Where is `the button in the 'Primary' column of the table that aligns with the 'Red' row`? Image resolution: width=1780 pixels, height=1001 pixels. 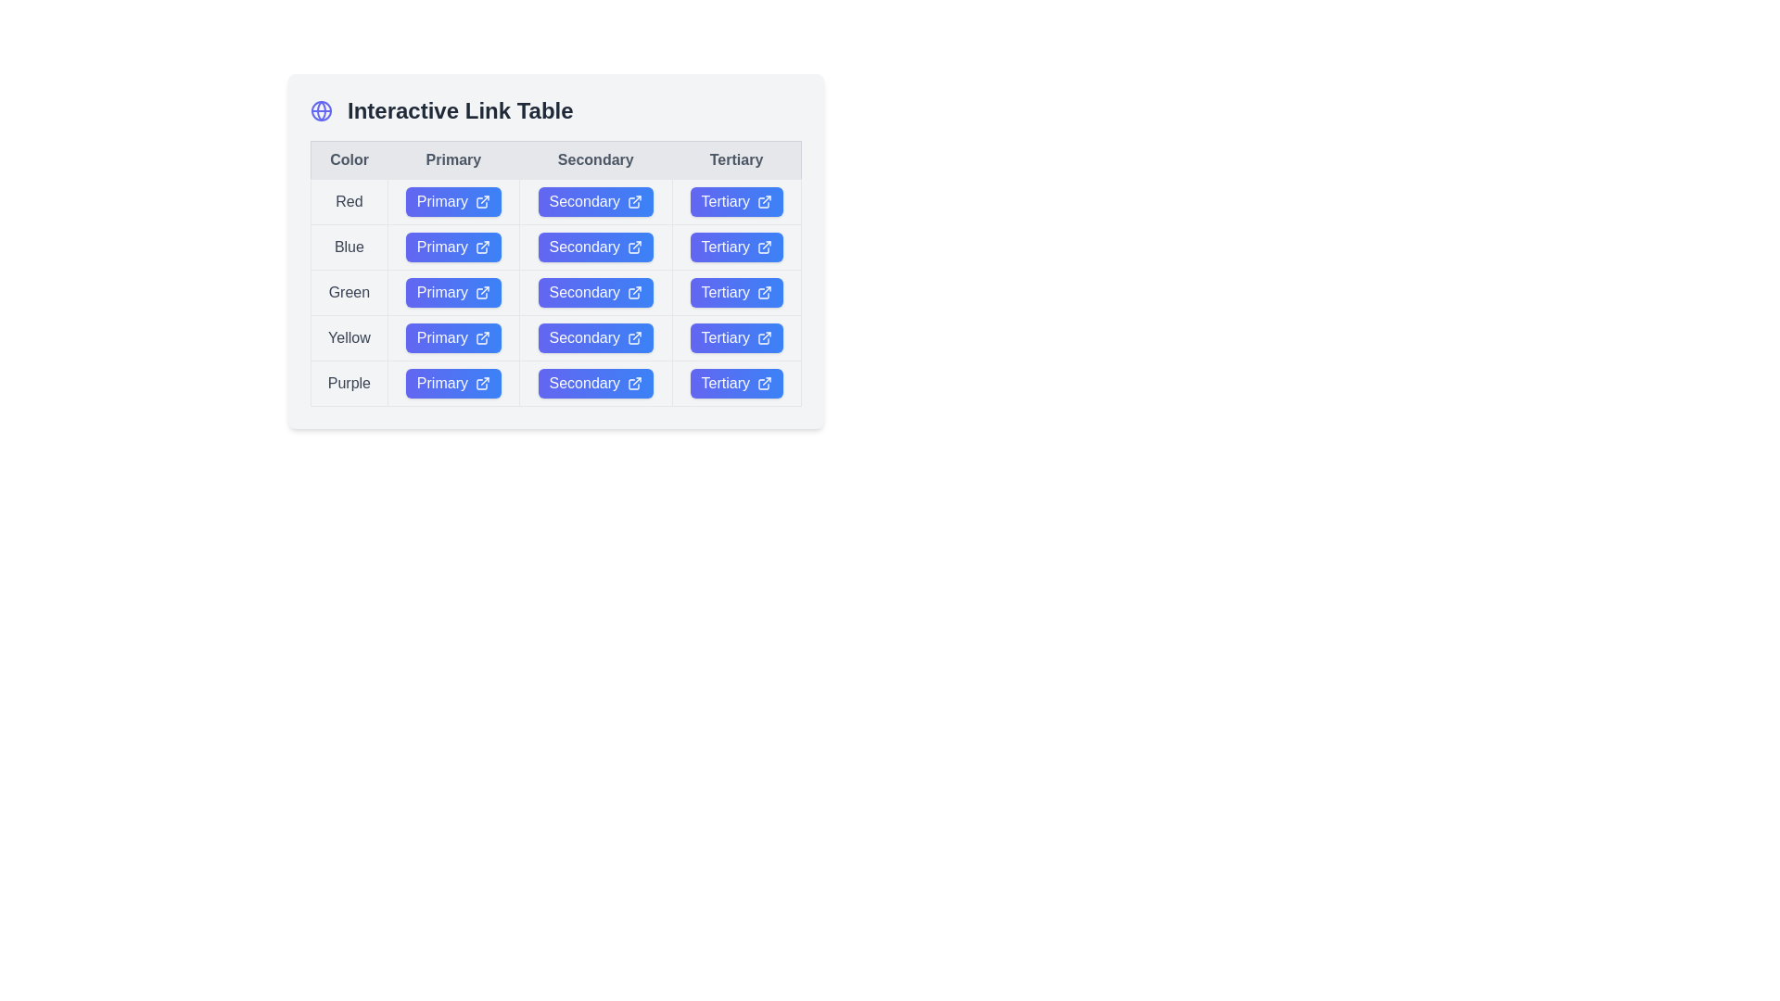
the button in the 'Primary' column of the table that aligns with the 'Red' row is located at coordinates (453, 202).